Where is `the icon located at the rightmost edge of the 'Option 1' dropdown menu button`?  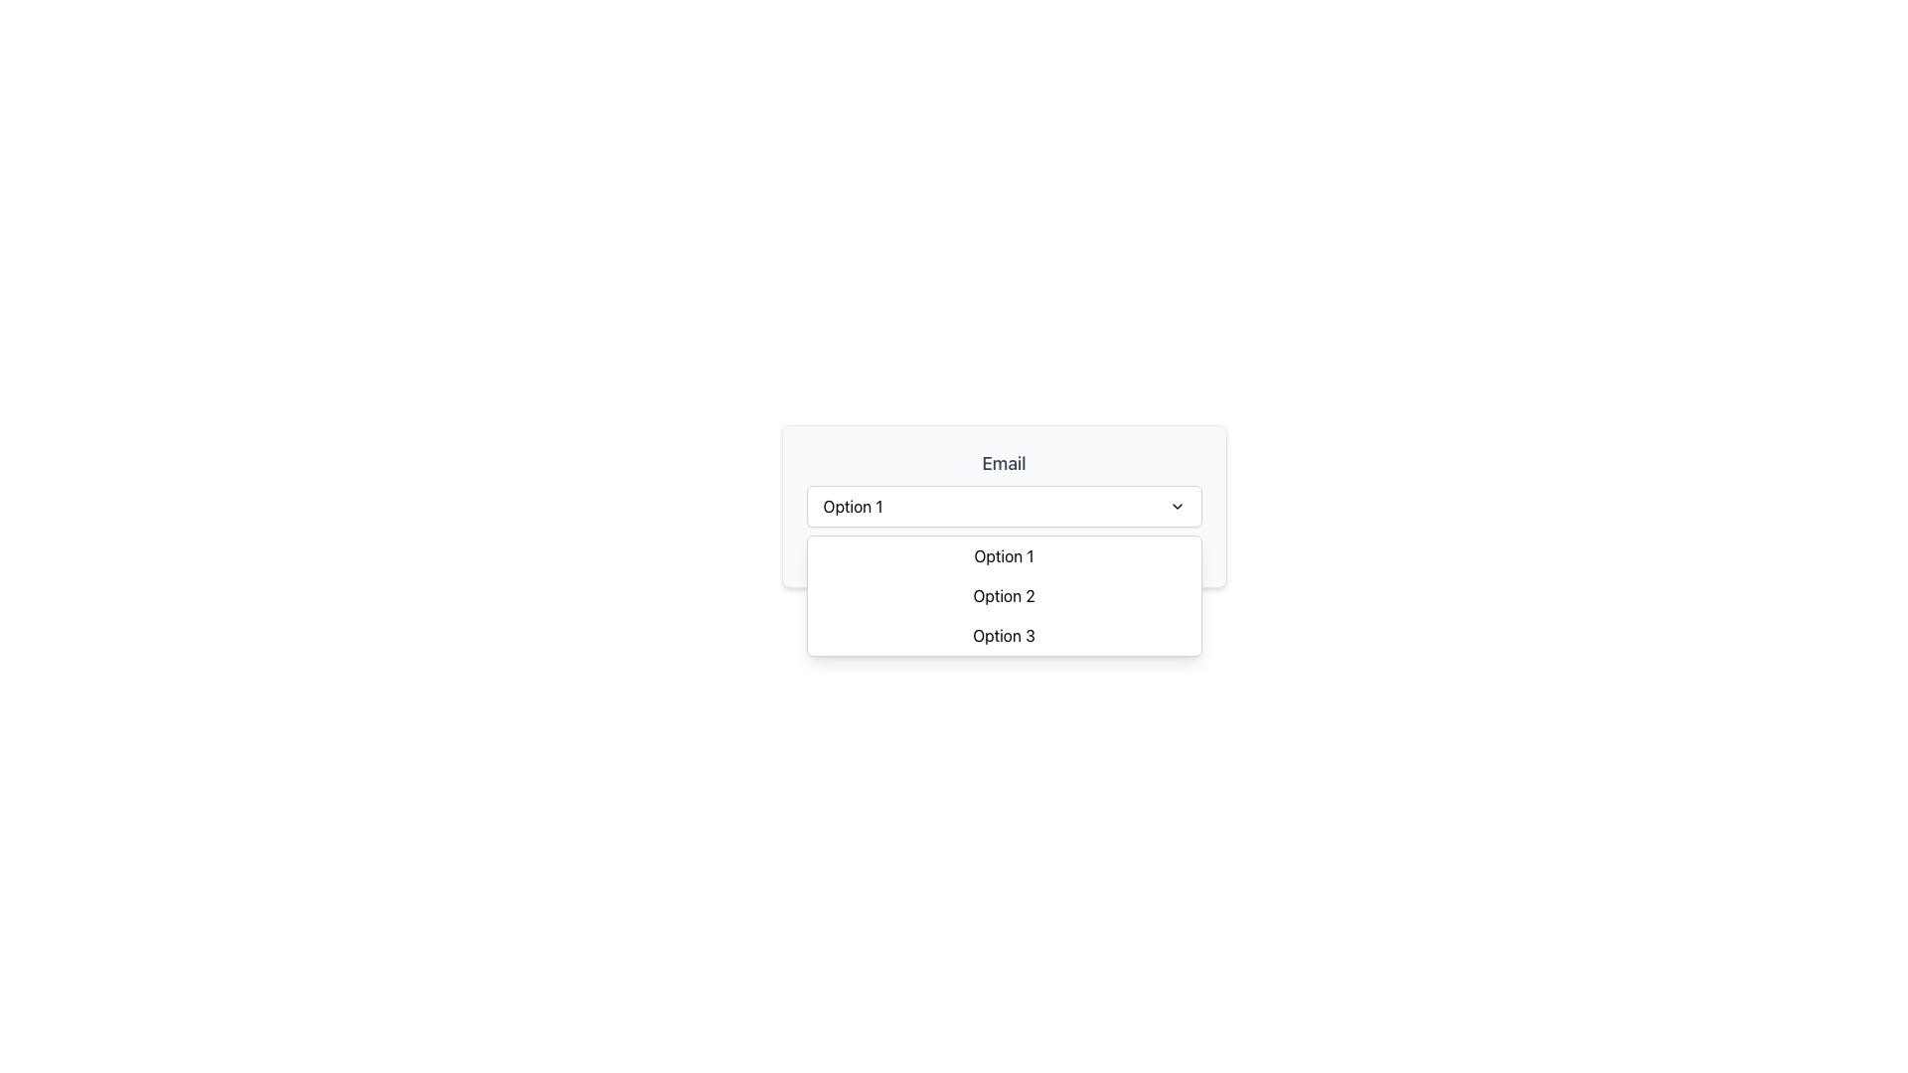
the icon located at the rightmost edge of the 'Option 1' dropdown menu button is located at coordinates (1177, 505).